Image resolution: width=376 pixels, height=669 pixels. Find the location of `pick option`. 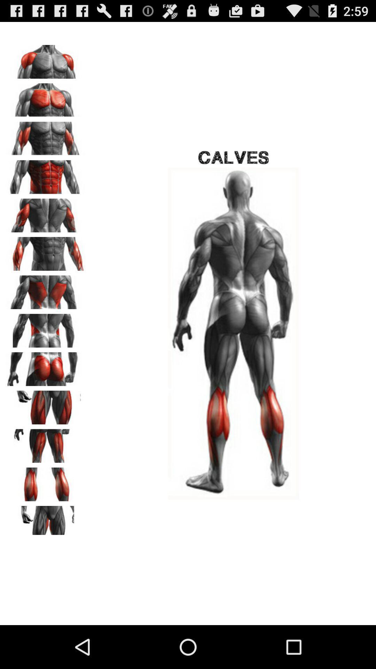

pick option is located at coordinates (46, 443).